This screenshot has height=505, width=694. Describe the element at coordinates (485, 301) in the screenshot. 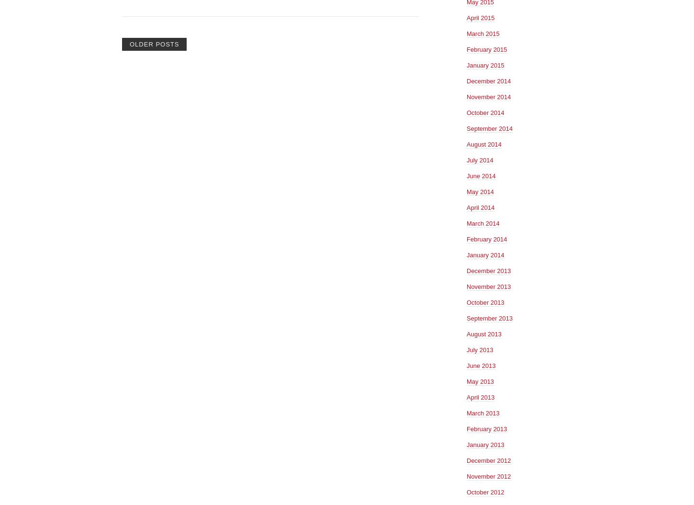

I see `'October 2013'` at that location.